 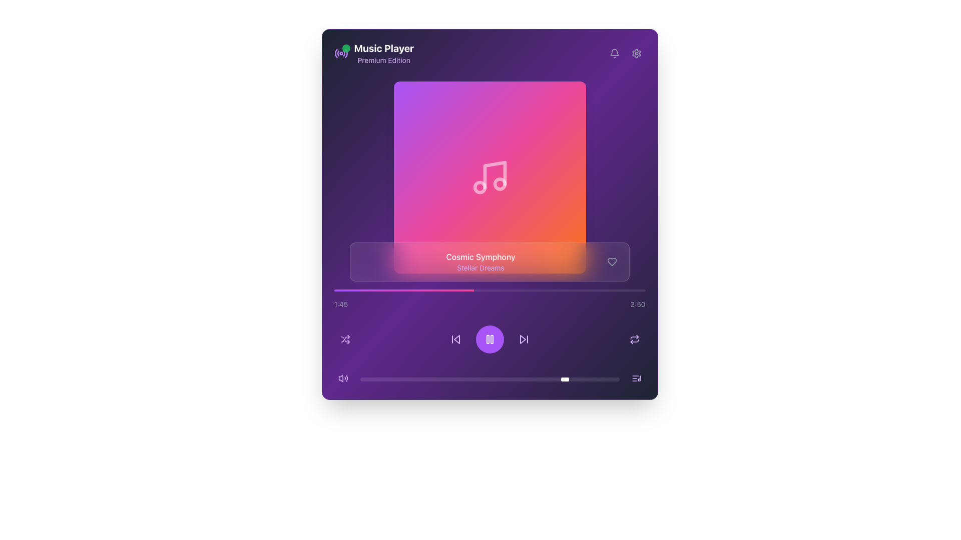 What do you see at coordinates (614, 53) in the screenshot?
I see `the rounded button with a bell-shaped icon against a purple background` at bounding box center [614, 53].